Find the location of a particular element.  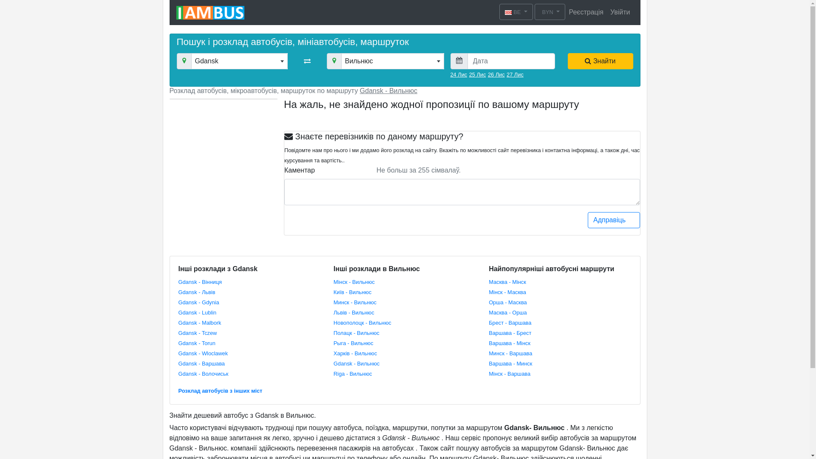

'Gdansk - Wloclawek' is located at coordinates (203, 353).